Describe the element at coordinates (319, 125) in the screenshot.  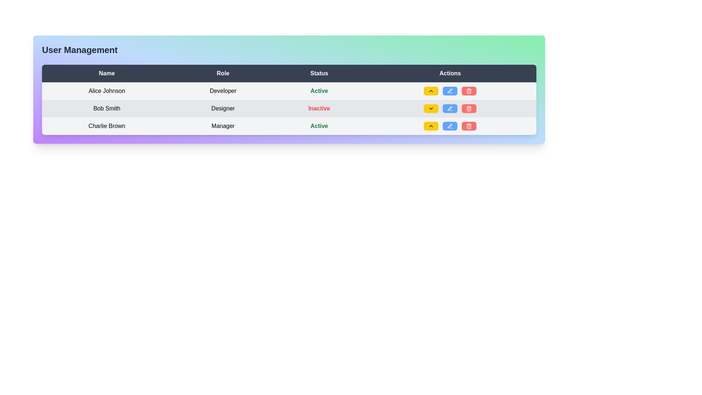
I see `'Active' text label displayed in bold green typography located in the third row of the 'Status' column within the table structure` at that location.